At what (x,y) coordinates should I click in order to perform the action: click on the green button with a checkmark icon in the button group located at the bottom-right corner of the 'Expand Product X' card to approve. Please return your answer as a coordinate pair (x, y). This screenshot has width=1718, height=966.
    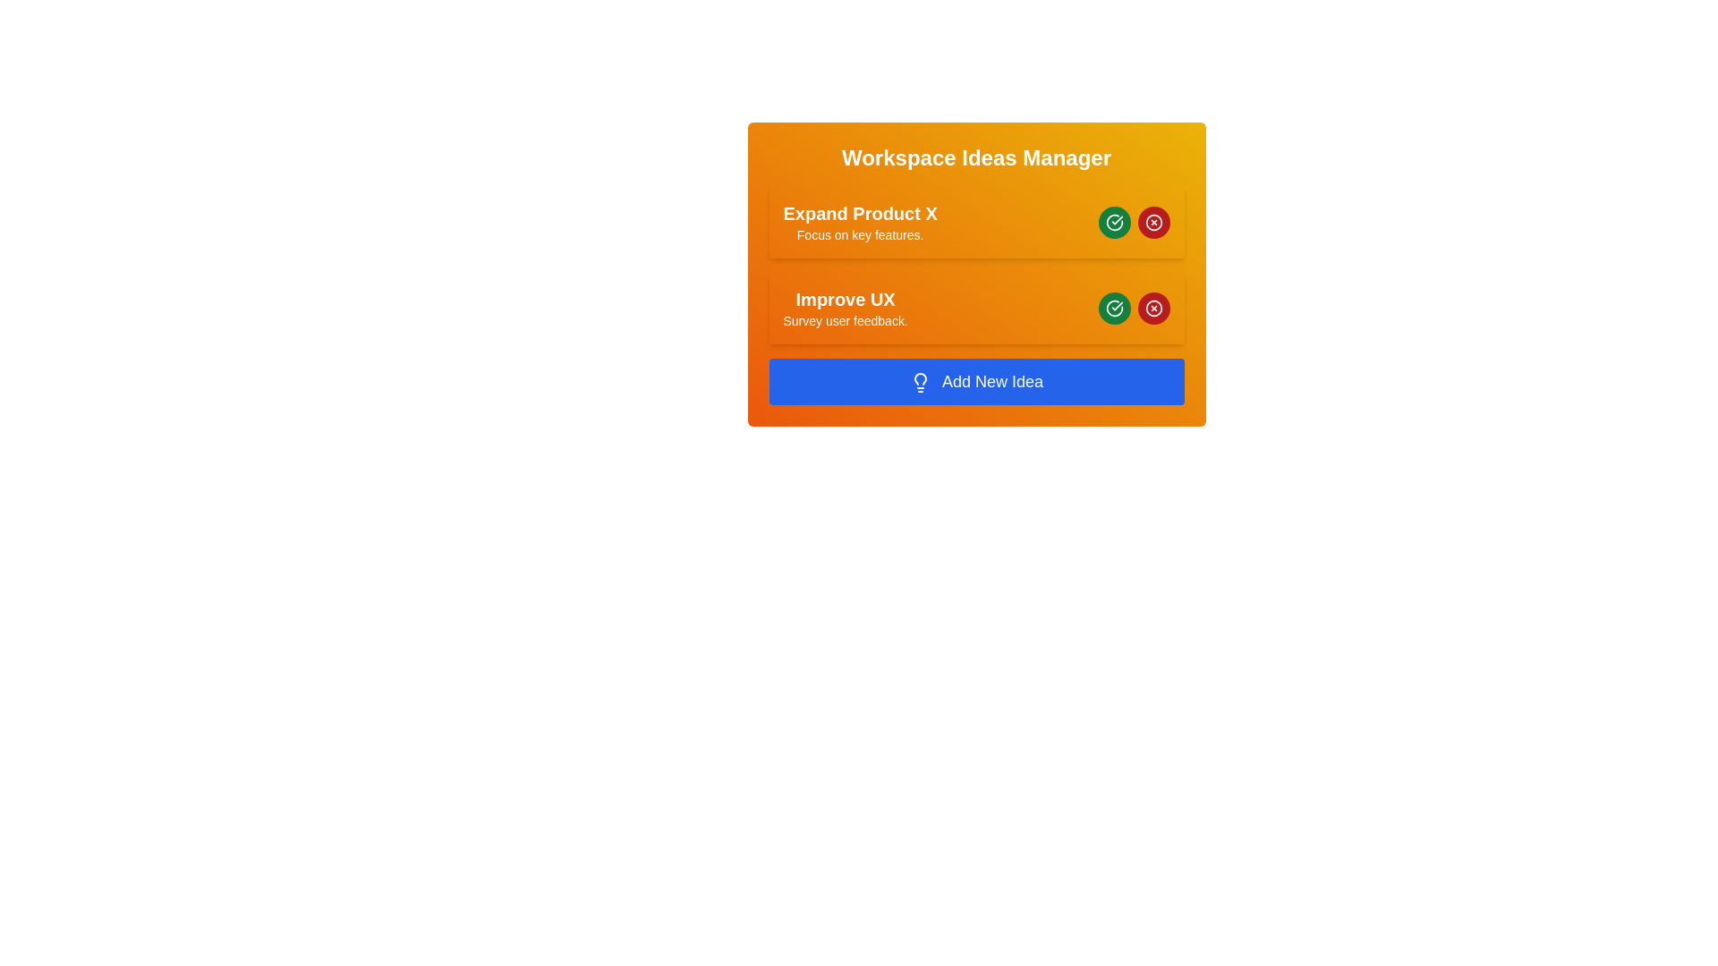
    Looking at the image, I should click on (1133, 222).